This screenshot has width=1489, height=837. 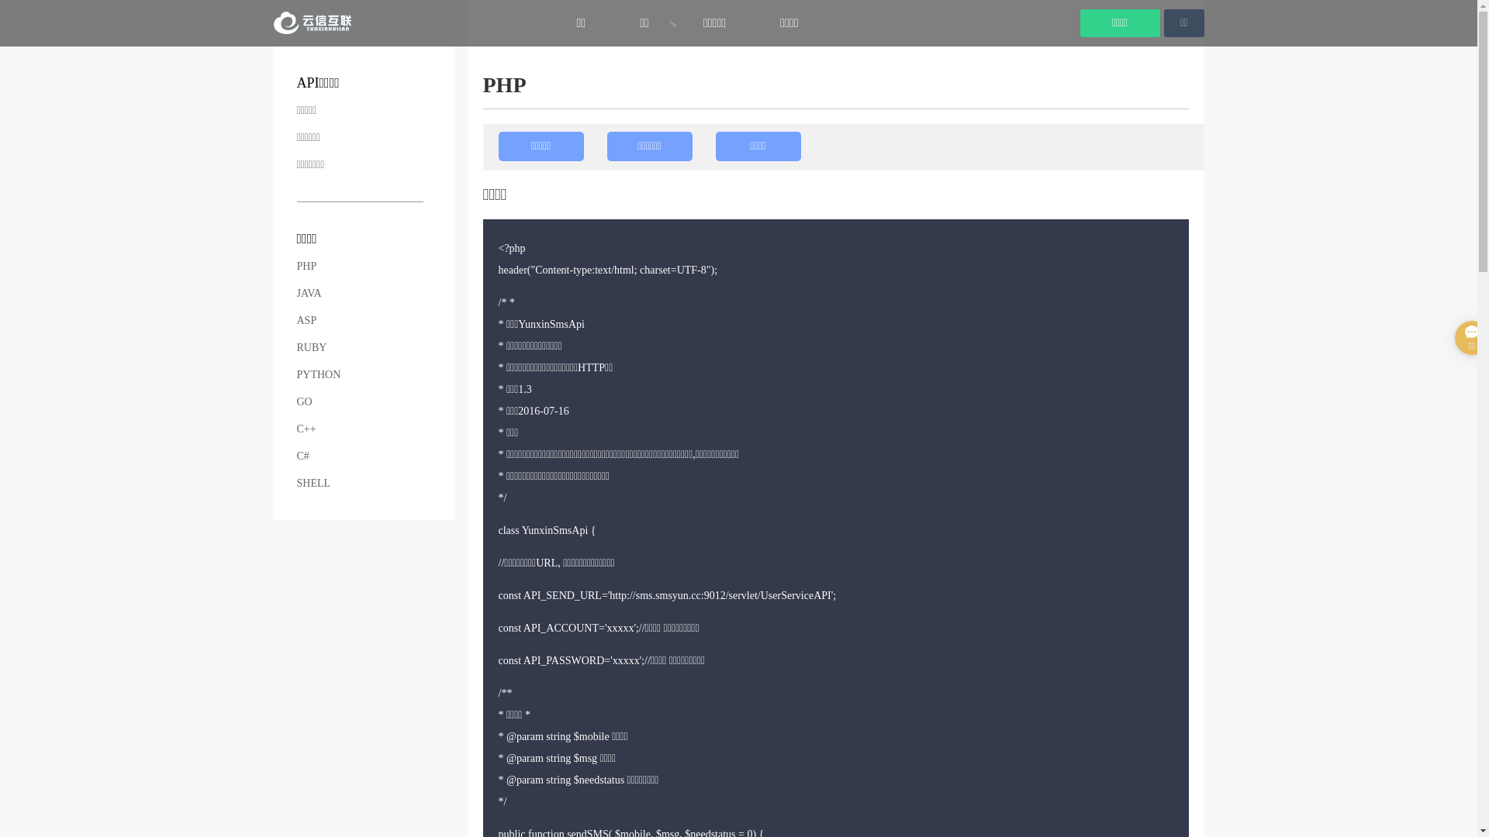 What do you see at coordinates (306, 265) in the screenshot?
I see `'PHP'` at bounding box center [306, 265].